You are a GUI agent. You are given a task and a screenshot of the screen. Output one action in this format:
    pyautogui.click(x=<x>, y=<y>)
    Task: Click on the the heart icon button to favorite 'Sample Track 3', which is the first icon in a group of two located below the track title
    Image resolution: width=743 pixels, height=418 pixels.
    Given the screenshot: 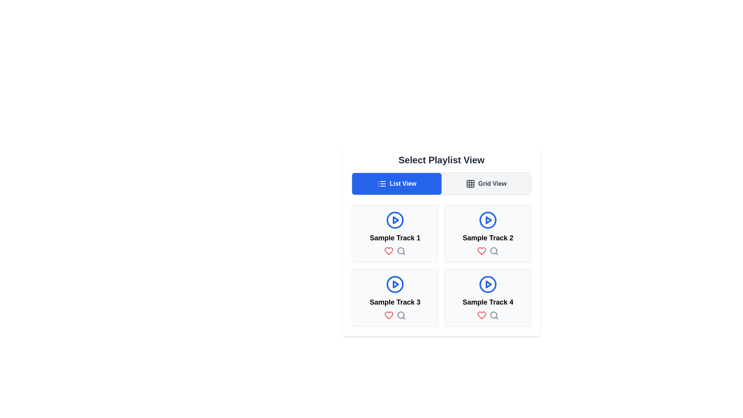 What is the action you would take?
    pyautogui.click(x=389, y=315)
    